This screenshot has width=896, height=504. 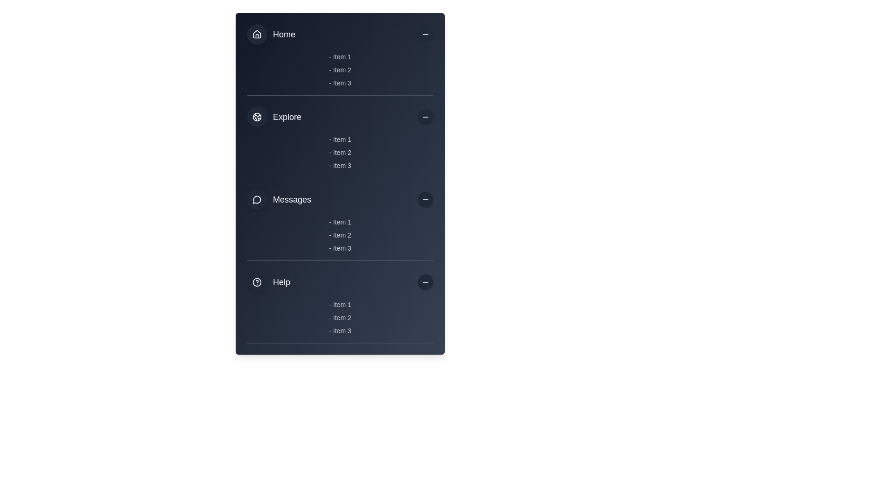 I want to click on the globe icon in the 'Explore' section of the left-side navigation menu, so click(x=257, y=116).